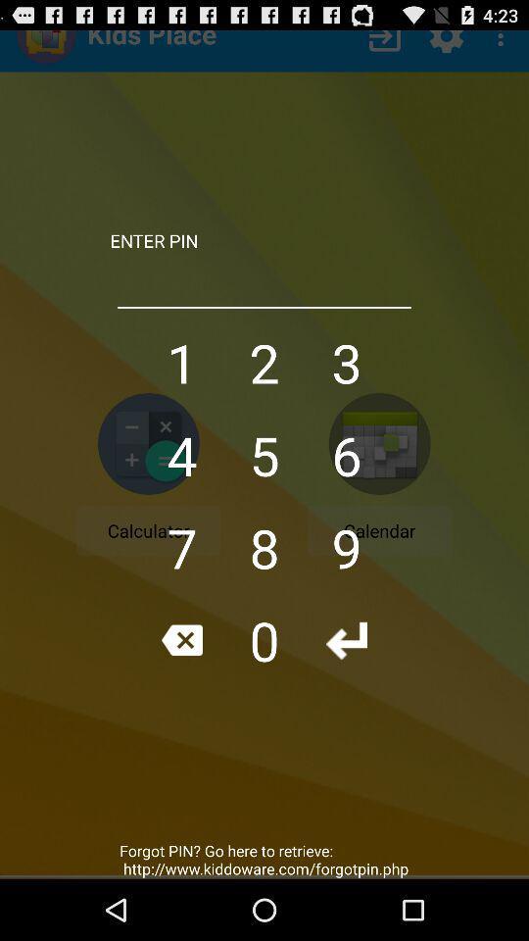 The height and width of the screenshot is (941, 529). What do you see at coordinates (181, 685) in the screenshot?
I see `the close icon` at bounding box center [181, 685].